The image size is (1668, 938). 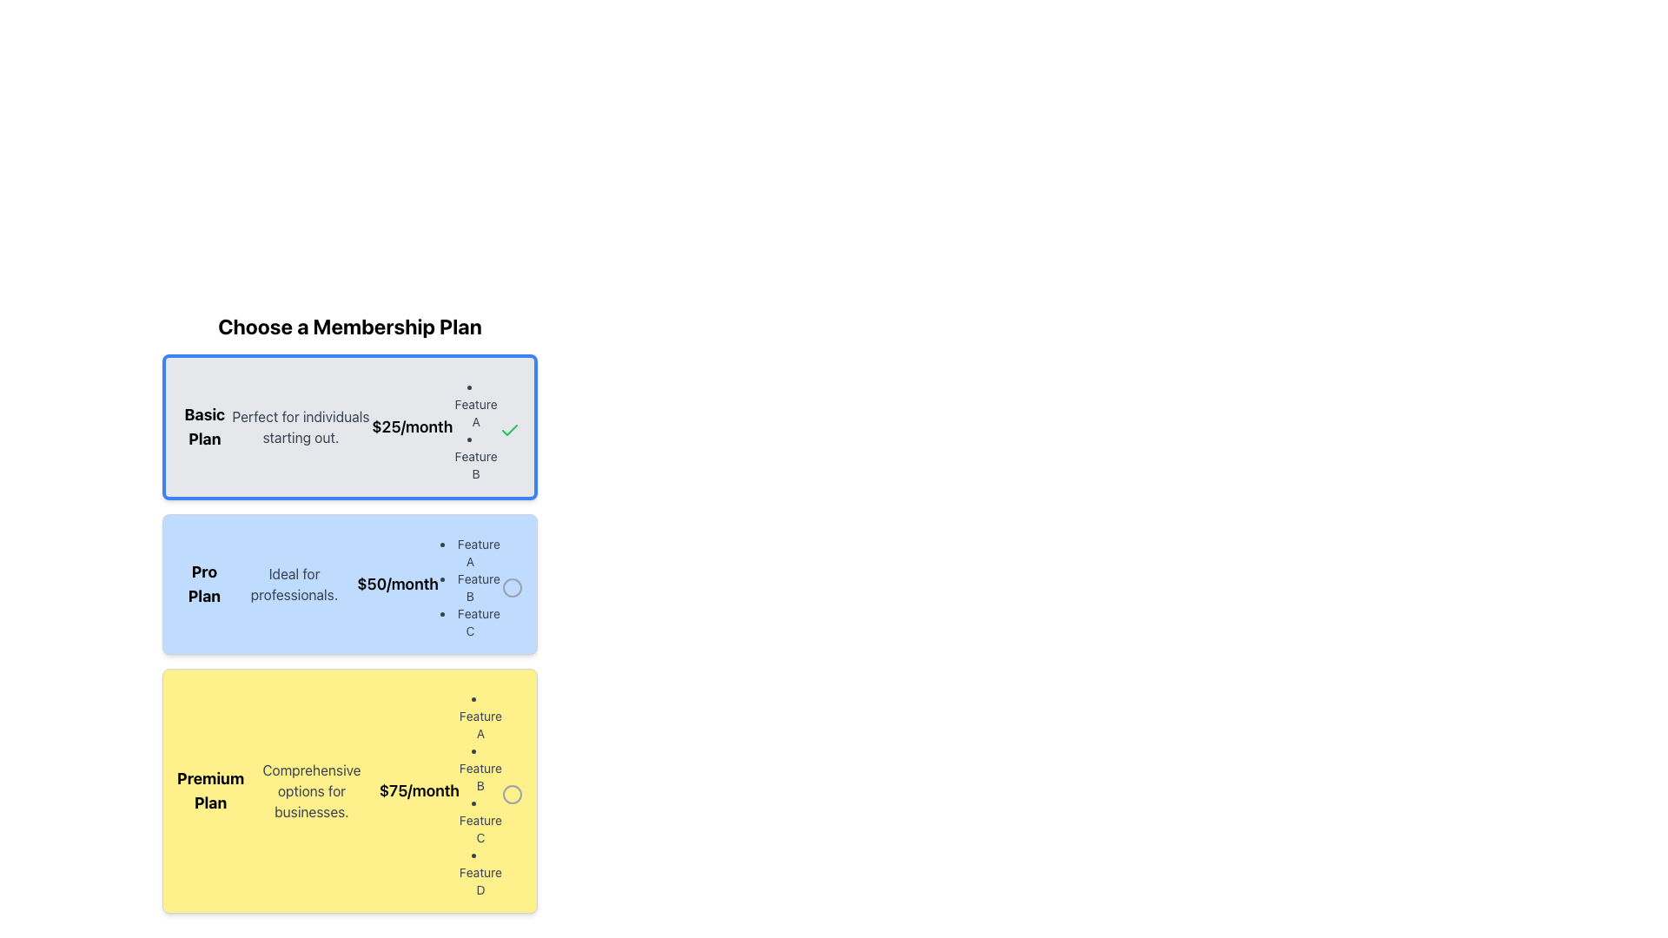 I want to click on bold text label 'Pro Plan' located at the top of the middle subscription plan card with a light blue background, so click(x=204, y=584).